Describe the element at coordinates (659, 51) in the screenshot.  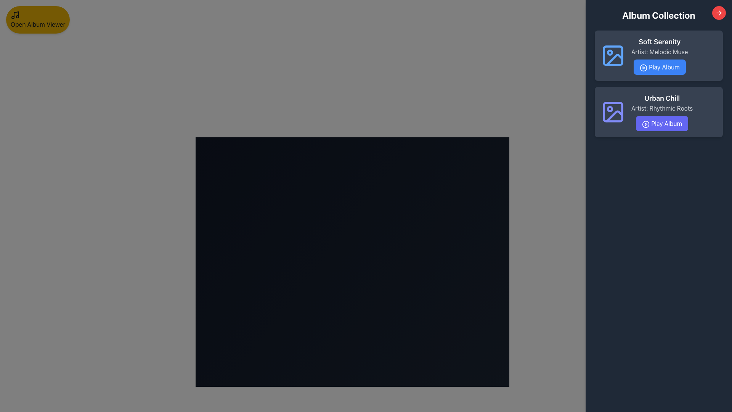
I see `the text label displaying artist information for the album 'Soft Serenity', located below the album title within the first card in the right-hand panel` at that location.